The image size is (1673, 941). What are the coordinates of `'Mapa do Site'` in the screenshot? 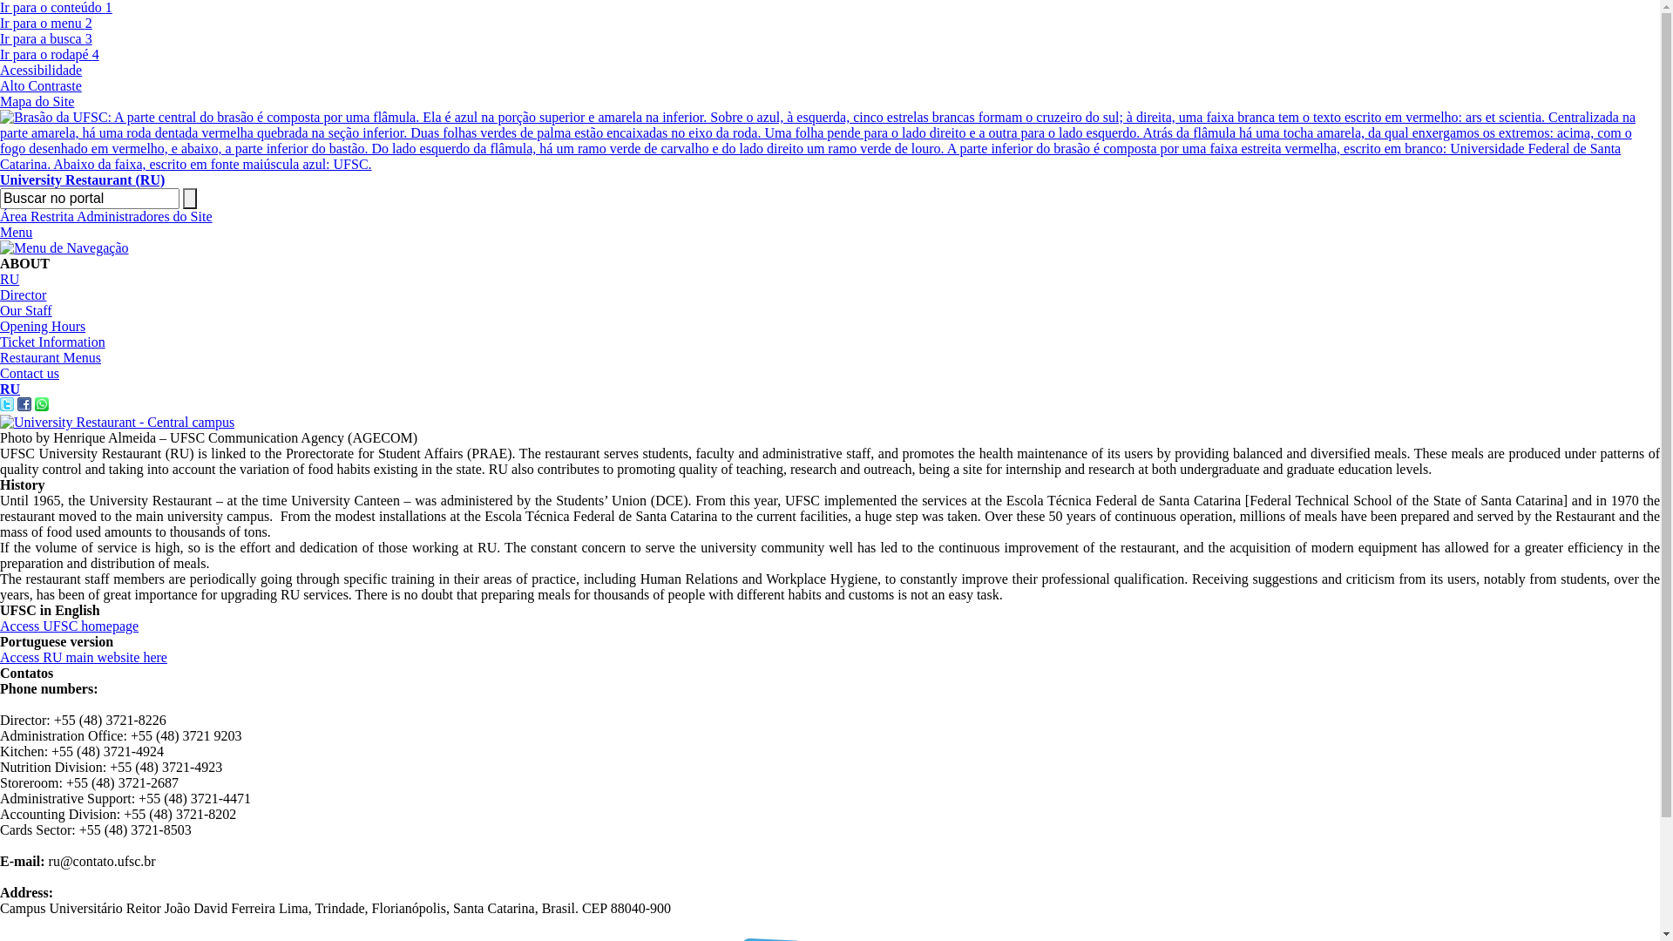 It's located at (37, 101).